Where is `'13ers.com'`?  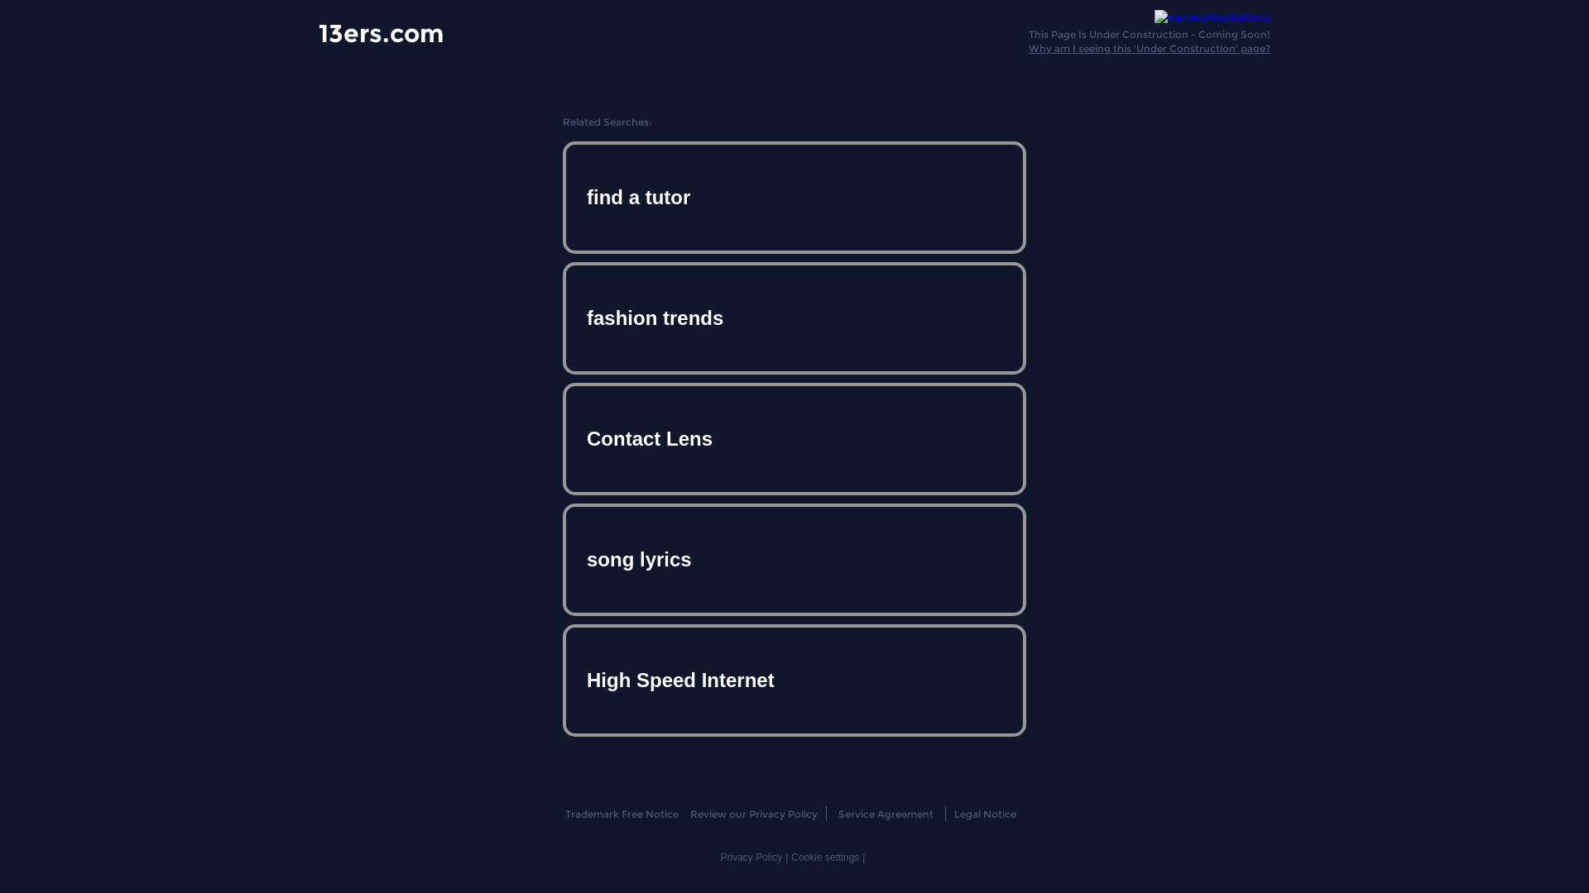
'13ers.com' is located at coordinates (380, 32).